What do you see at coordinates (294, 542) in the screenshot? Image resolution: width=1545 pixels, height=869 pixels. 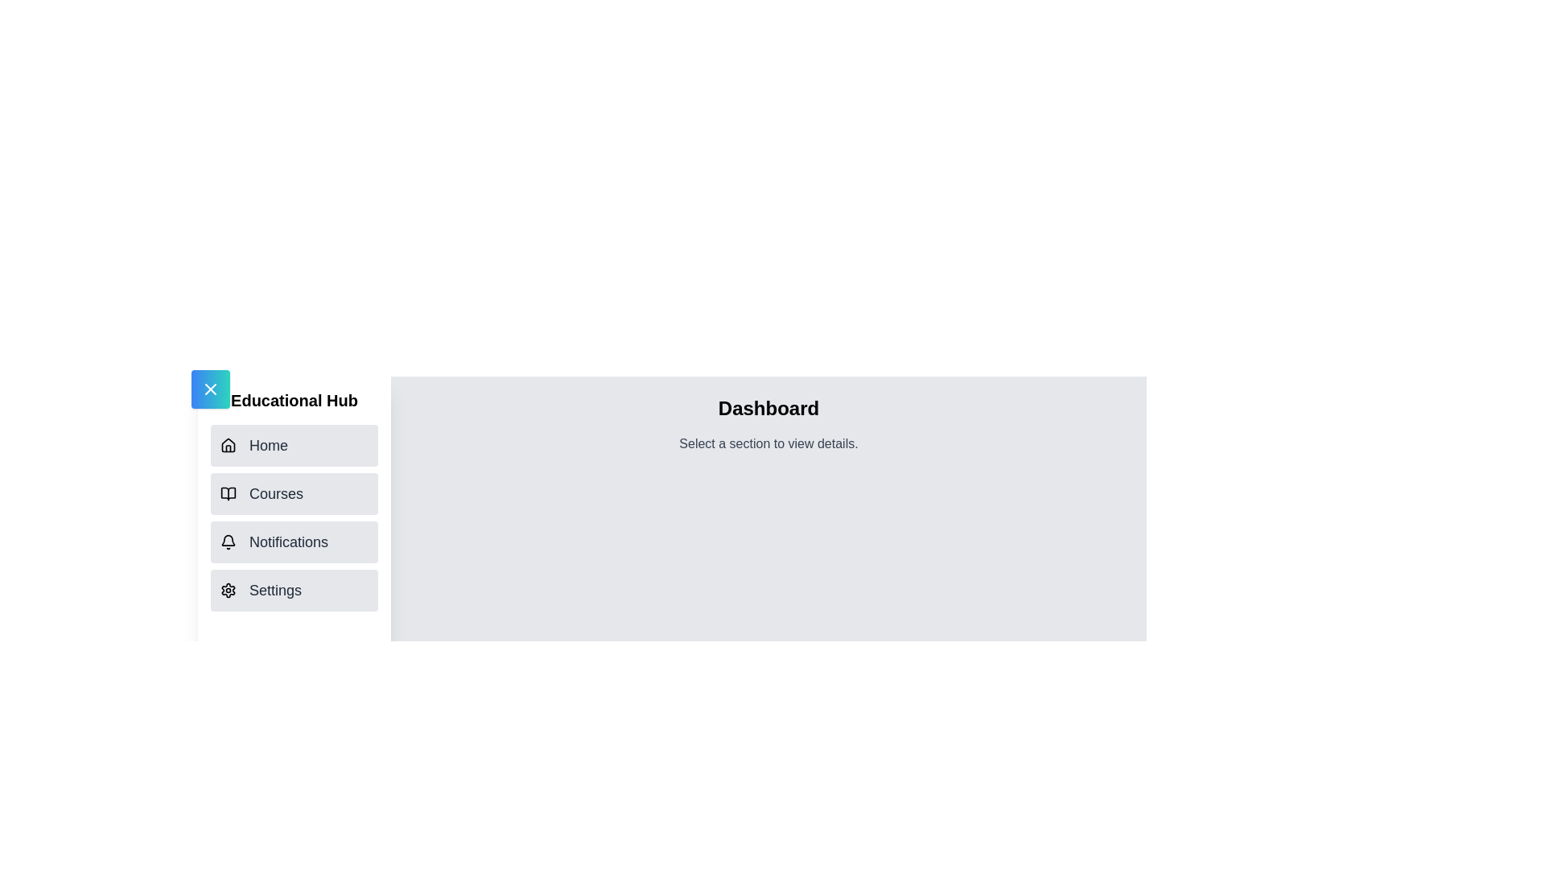 I see `the navigation item Notifications` at bounding box center [294, 542].